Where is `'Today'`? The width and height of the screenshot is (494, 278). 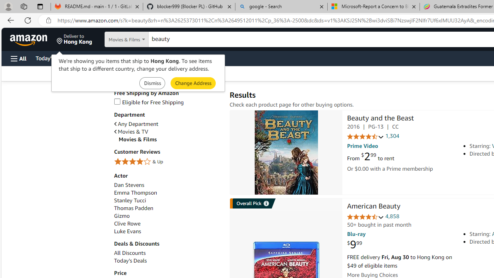
'Today' is located at coordinates (167, 261).